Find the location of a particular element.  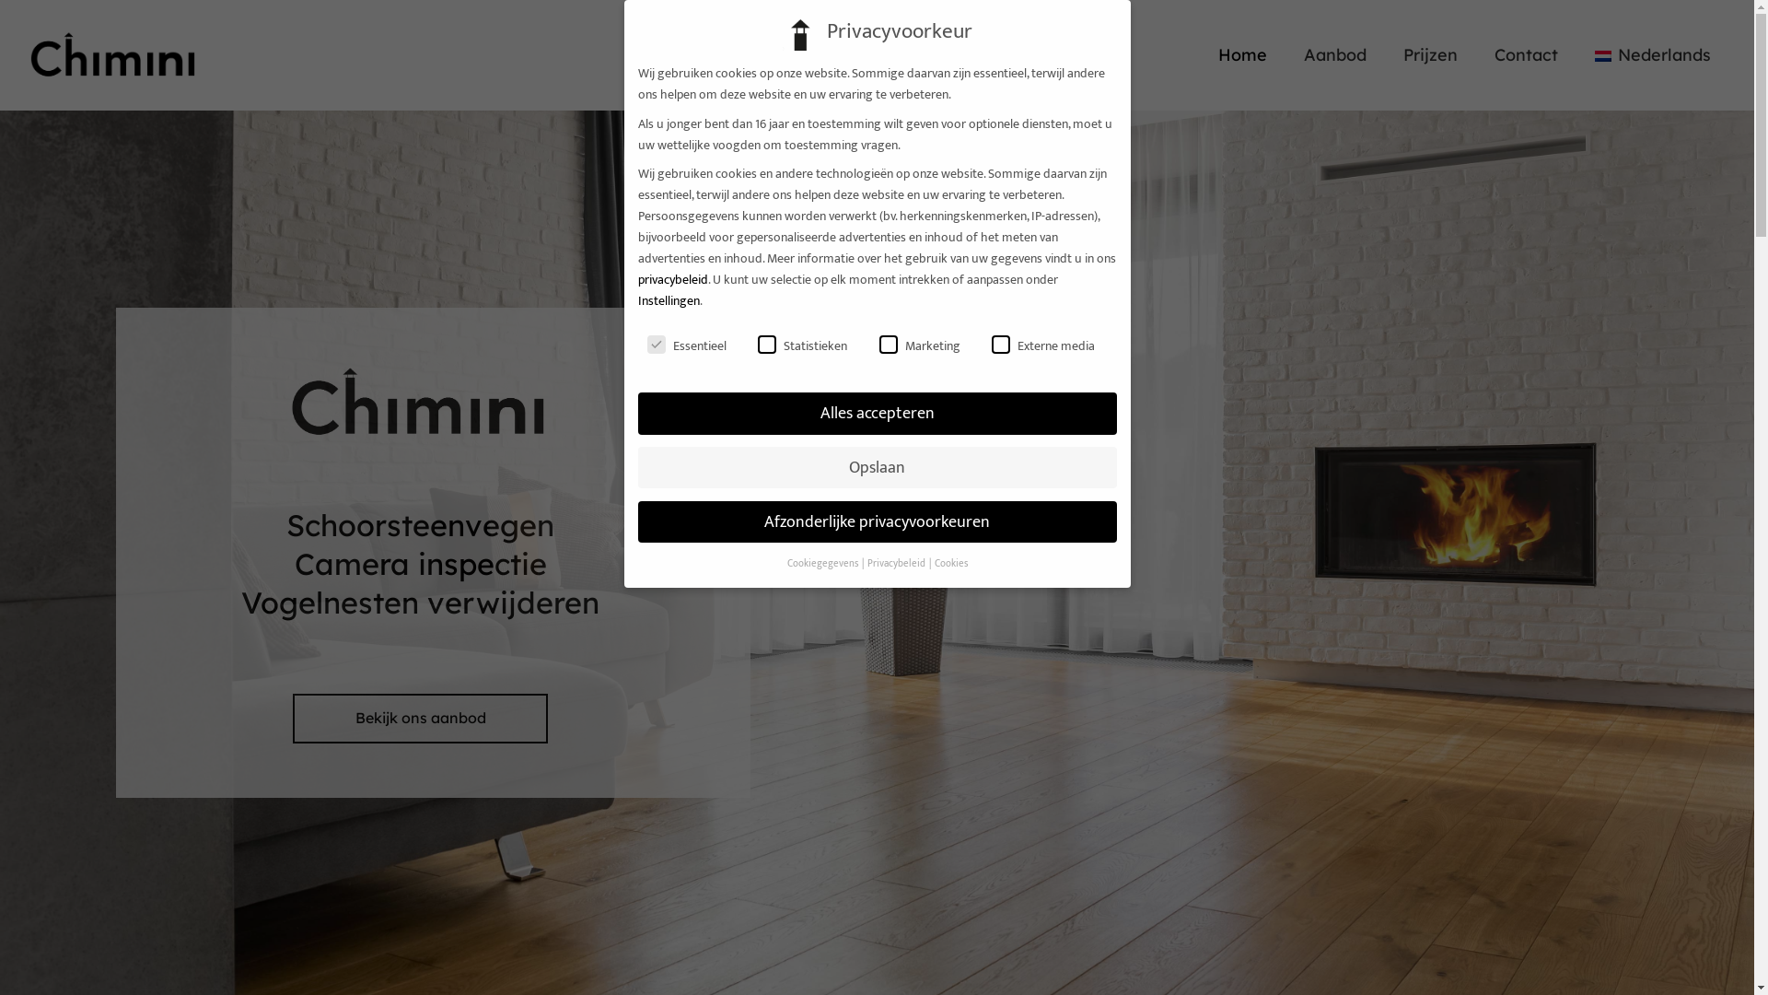

'Bekijk ons aanbod' is located at coordinates (419, 717).